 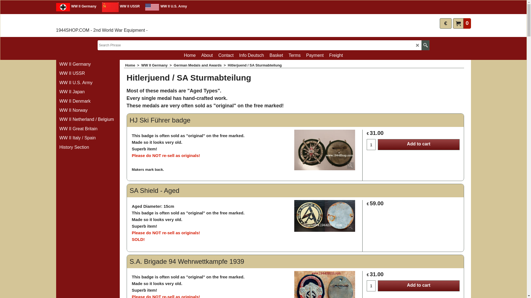 I want to click on 'WW II Germany  > ', so click(x=157, y=65).